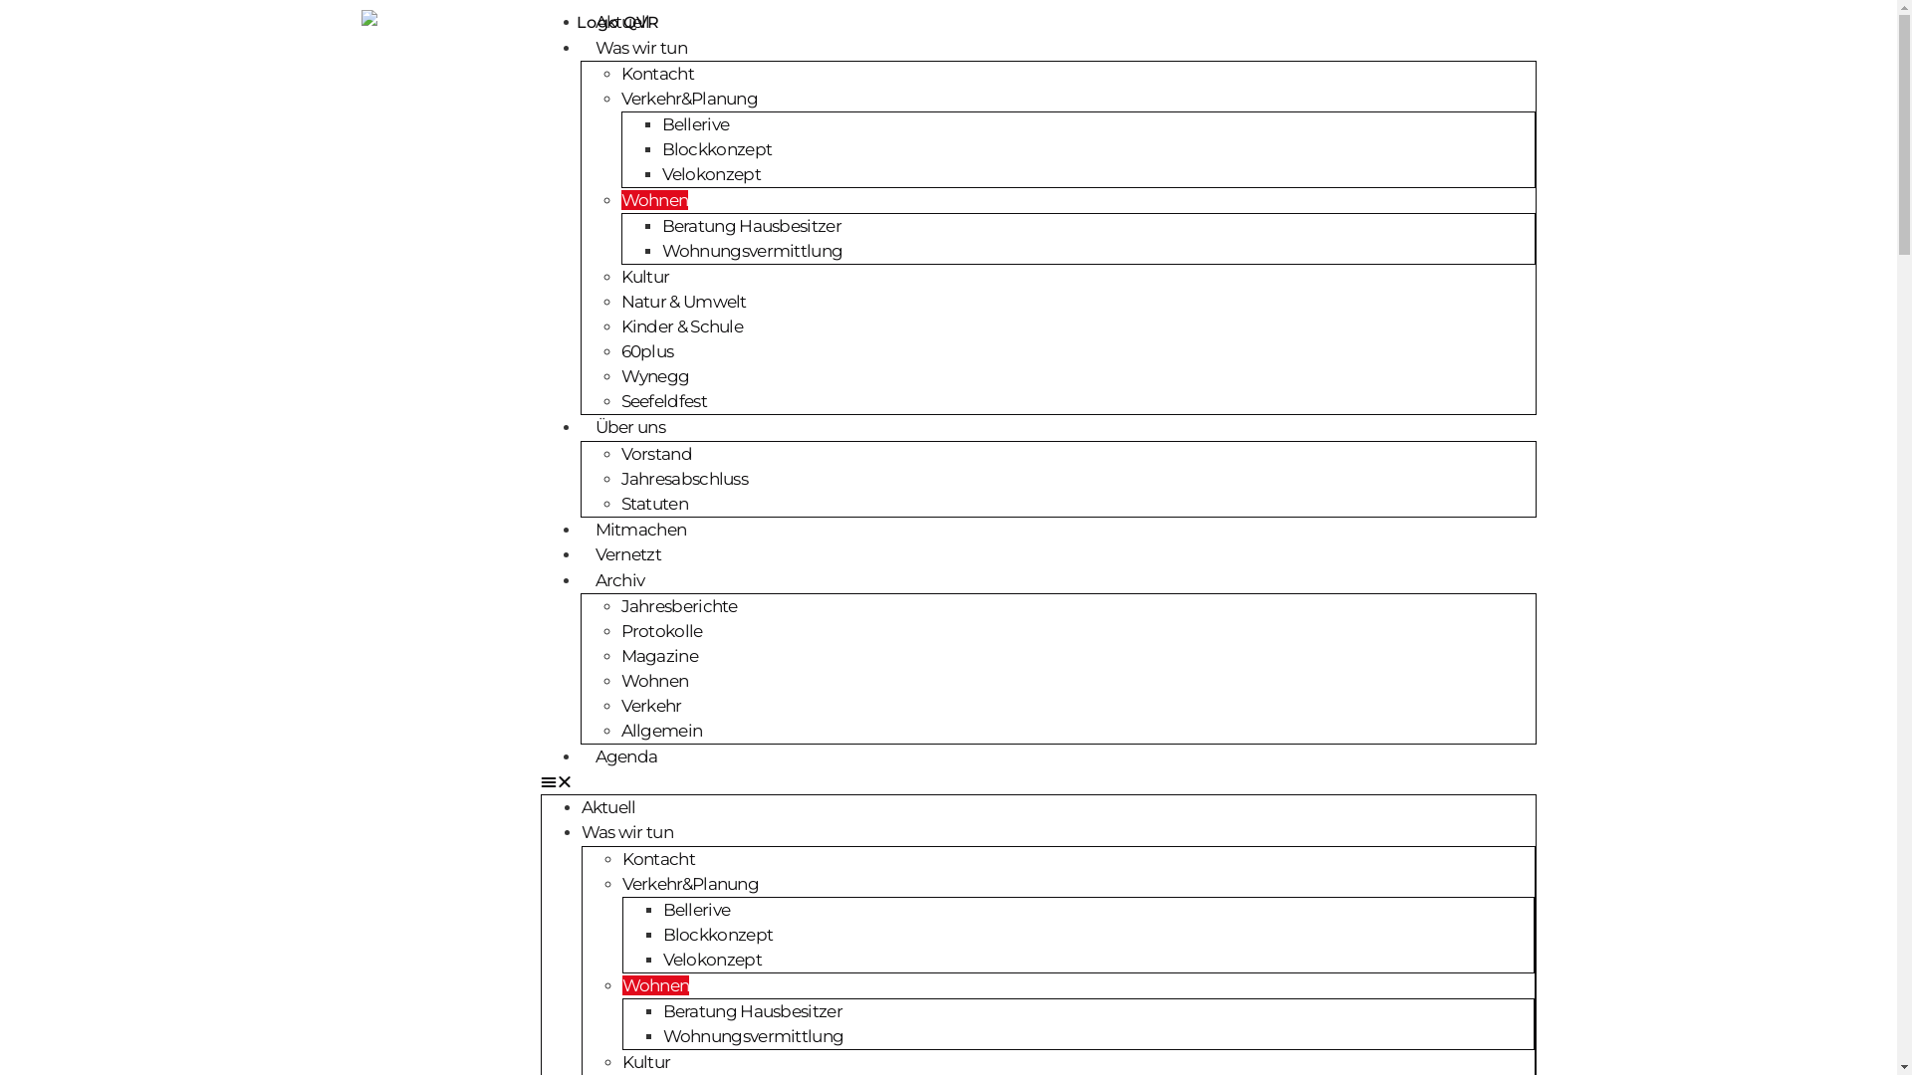 This screenshot has height=1075, width=1912. What do you see at coordinates (697, 910) in the screenshot?
I see `'Bellerive'` at bounding box center [697, 910].